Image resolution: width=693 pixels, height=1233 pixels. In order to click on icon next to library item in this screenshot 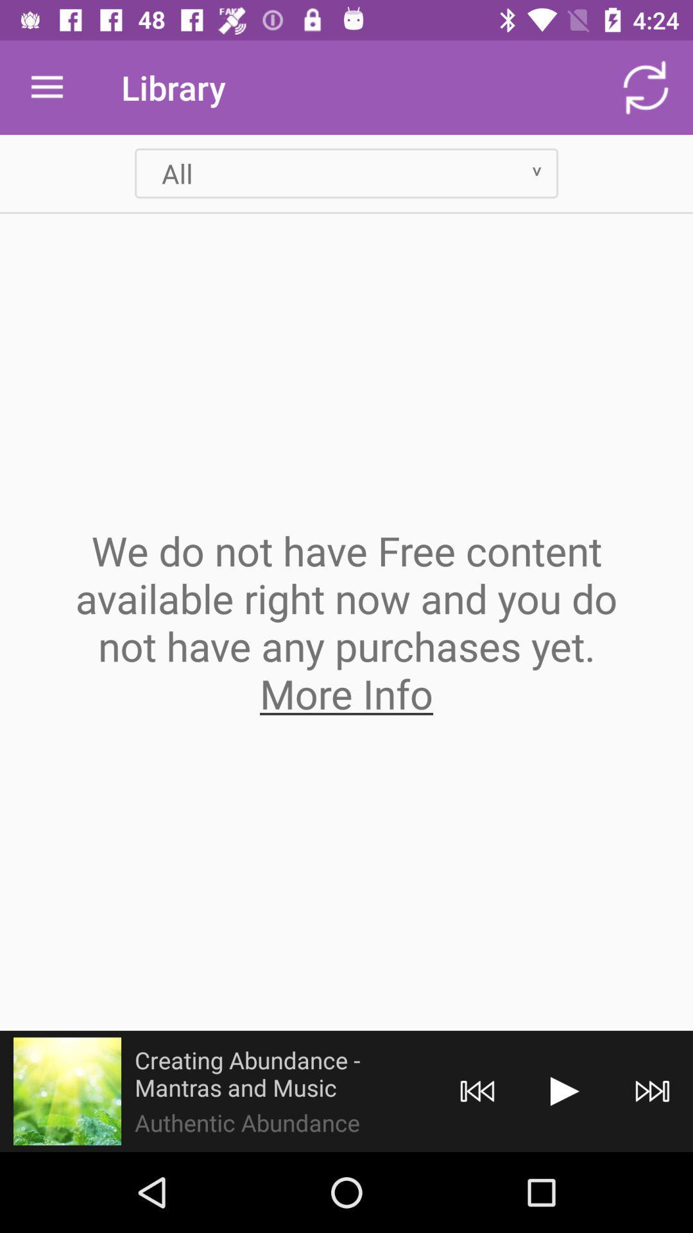, I will do `click(46, 87)`.